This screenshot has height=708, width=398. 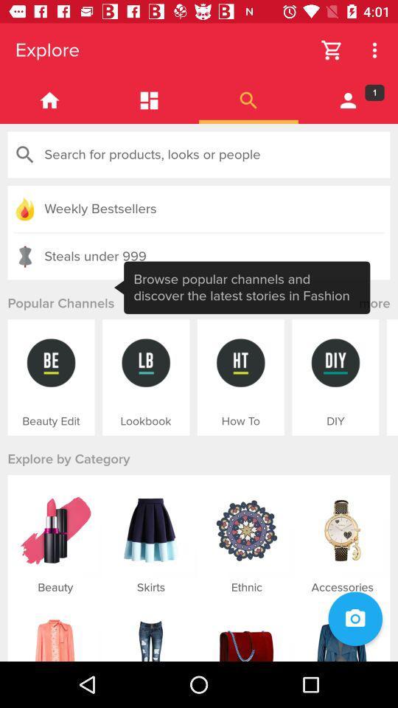 I want to click on homepage, so click(x=49, y=100).